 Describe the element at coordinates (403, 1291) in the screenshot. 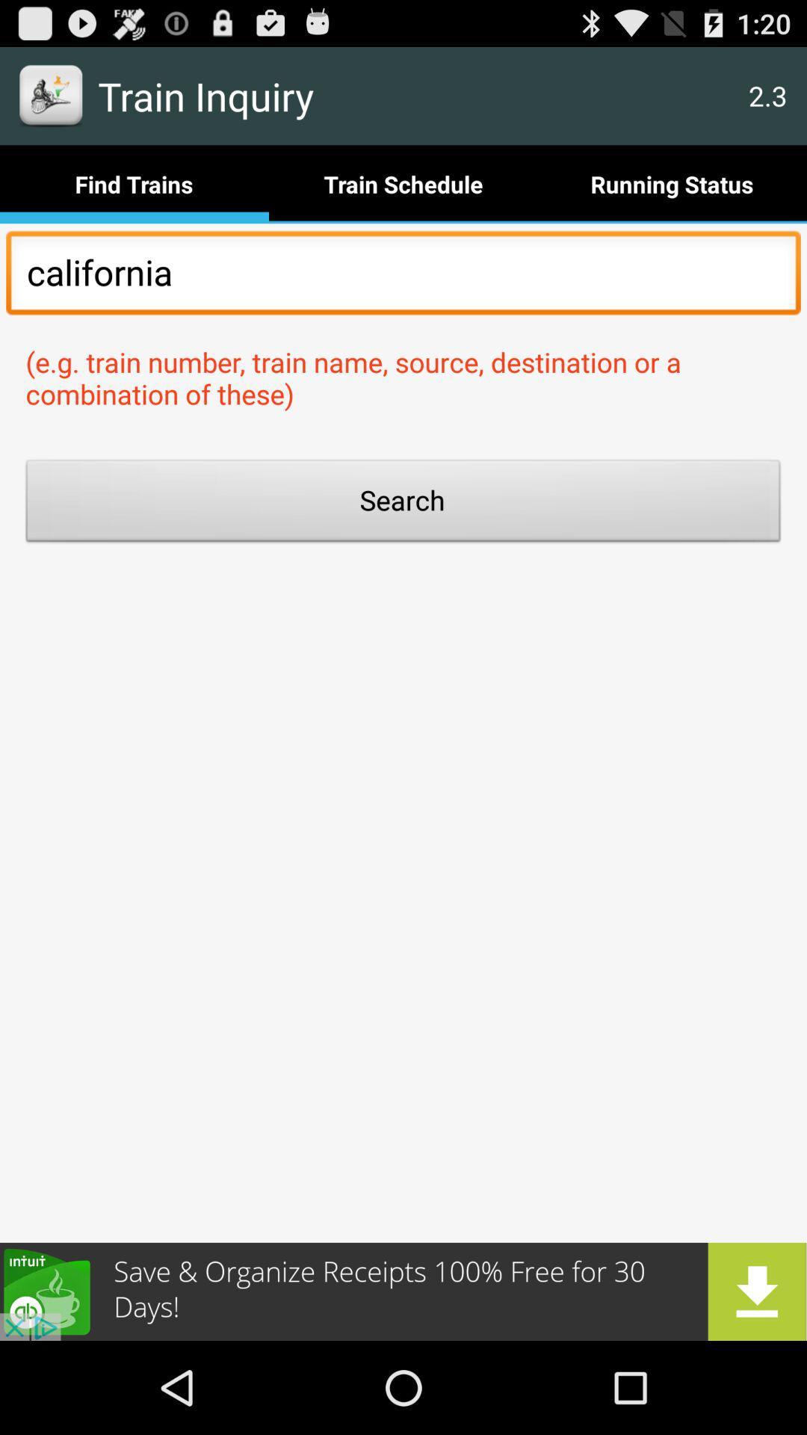

I see `advertisement` at that location.